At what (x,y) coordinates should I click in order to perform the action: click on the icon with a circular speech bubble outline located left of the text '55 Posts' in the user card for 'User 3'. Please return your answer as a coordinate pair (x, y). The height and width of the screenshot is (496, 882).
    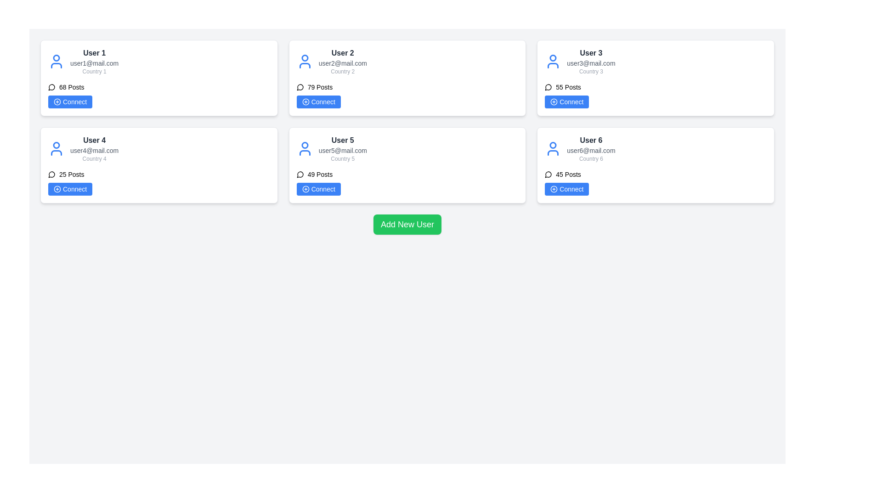
    Looking at the image, I should click on (548, 87).